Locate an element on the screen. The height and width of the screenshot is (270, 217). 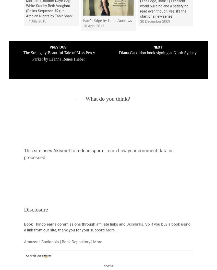
'Book Thingo earns commissions through affiliate links and' is located at coordinates (75, 224).